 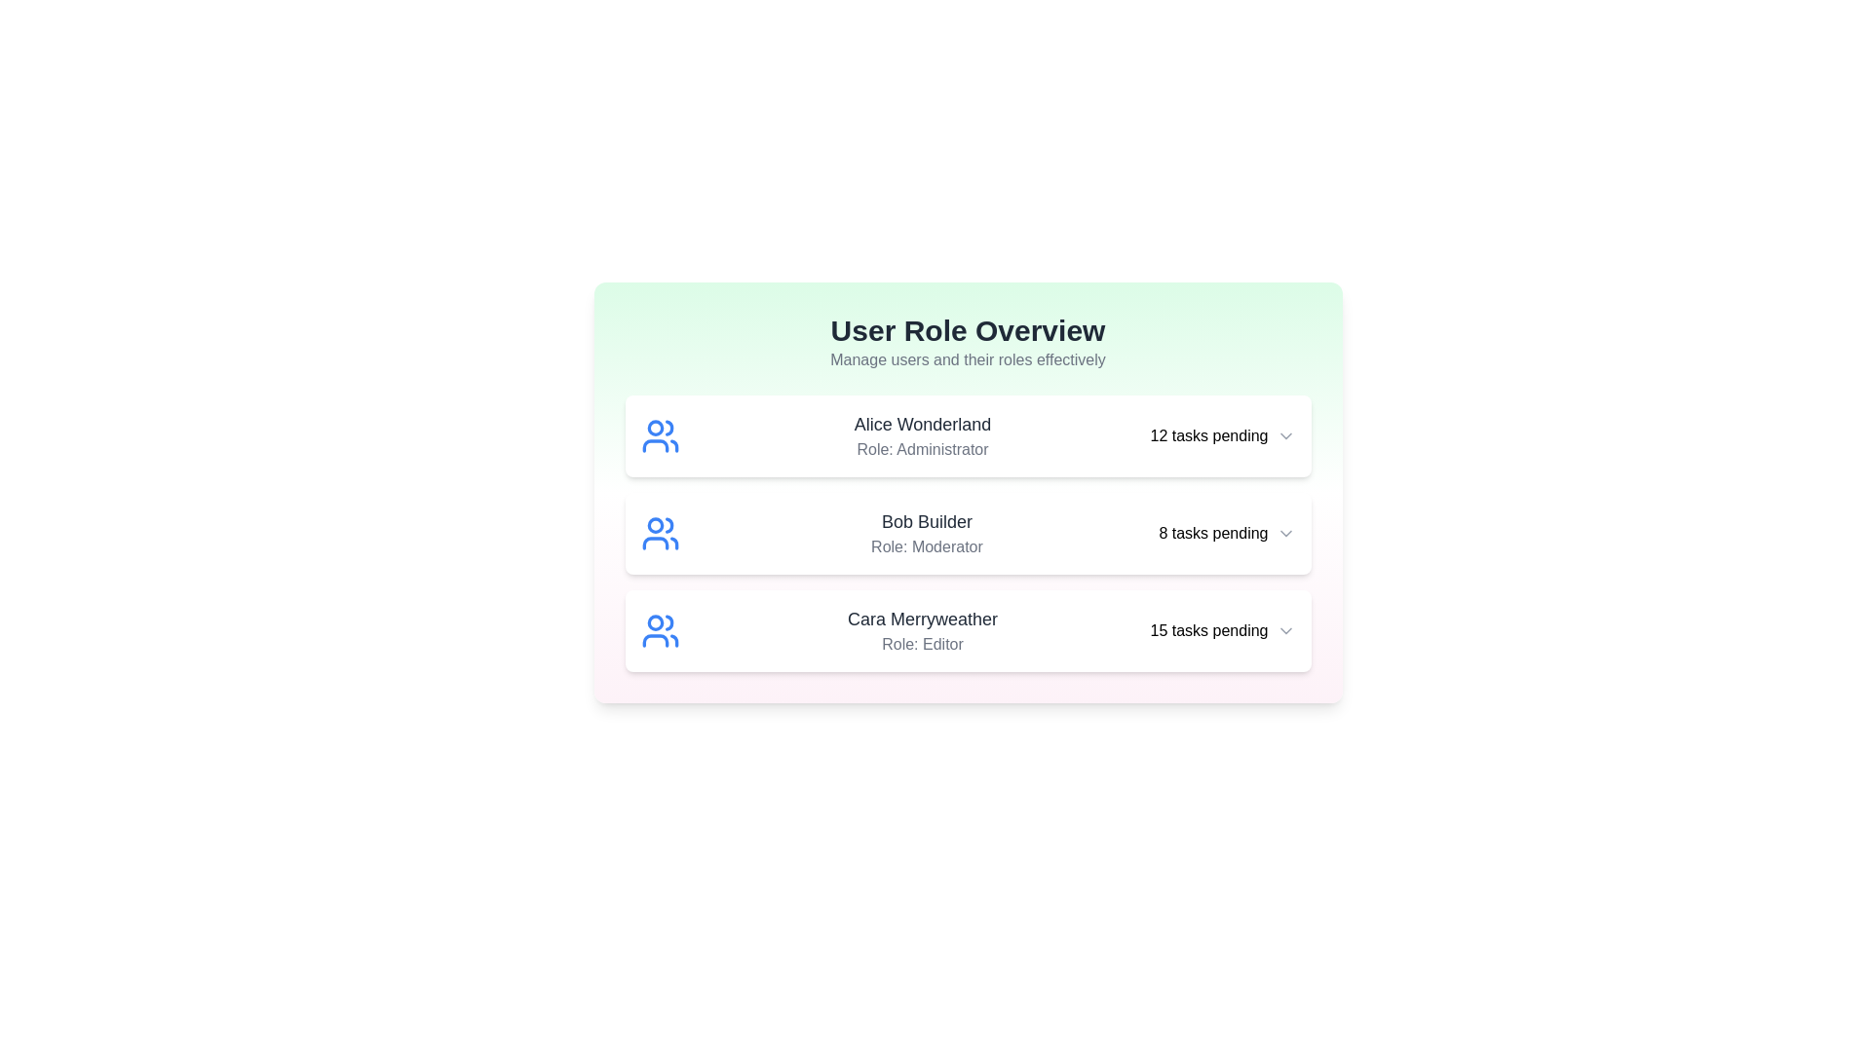 I want to click on the dropdown icon for Cara Merryweather to view more options, so click(x=1285, y=631).